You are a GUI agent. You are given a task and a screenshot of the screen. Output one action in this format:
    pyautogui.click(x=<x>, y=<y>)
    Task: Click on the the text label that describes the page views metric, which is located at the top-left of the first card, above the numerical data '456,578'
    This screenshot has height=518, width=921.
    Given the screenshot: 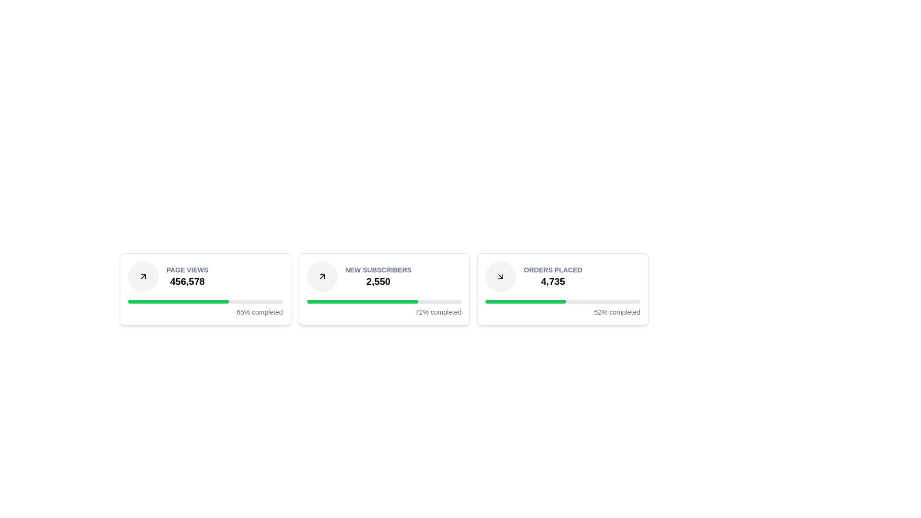 What is the action you would take?
    pyautogui.click(x=187, y=270)
    